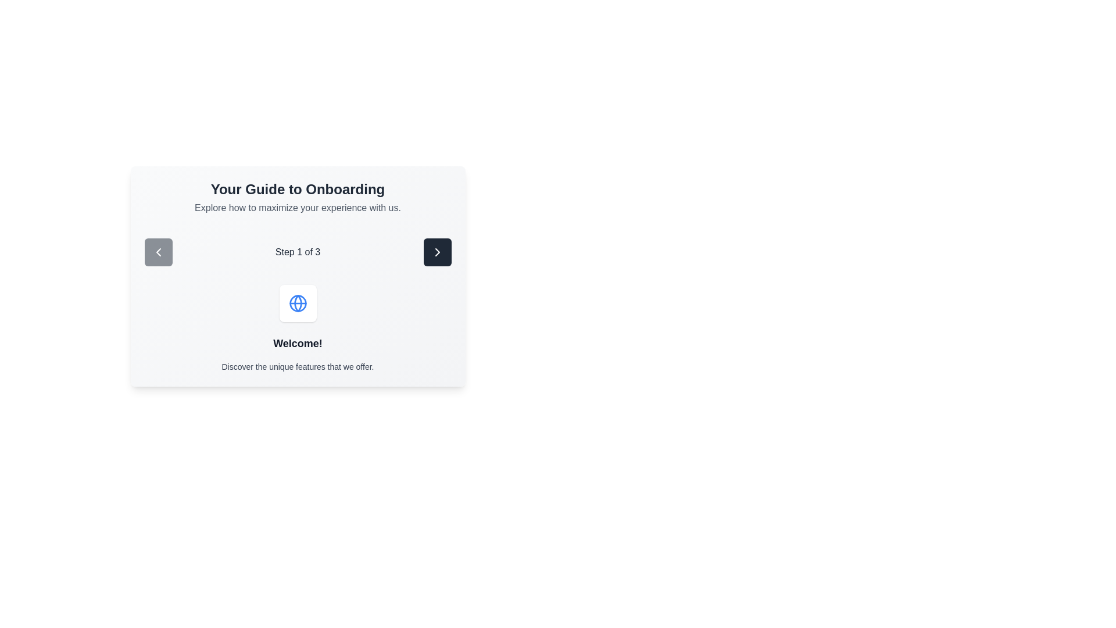 This screenshot has height=628, width=1116. Describe the element at coordinates (298, 302) in the screenshot. I see `the globe icon with a blue circular outline and internal curved lines, which is centrally placed in a white, rounded box, for information` at that location.